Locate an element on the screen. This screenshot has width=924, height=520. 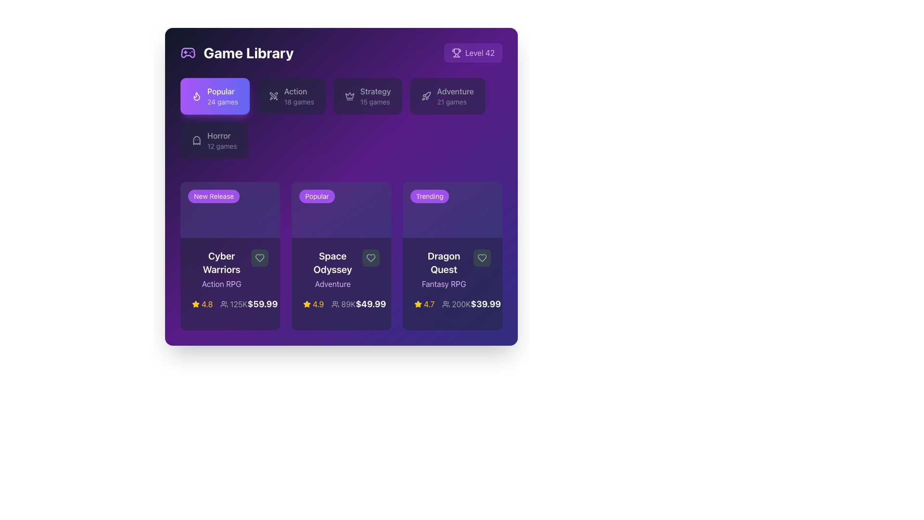
the encompassing button for the 'Adventure' category, which features a modern rocket icon in its design located in the top right quadrant of the game library interface is located at coordinates (427, 95).